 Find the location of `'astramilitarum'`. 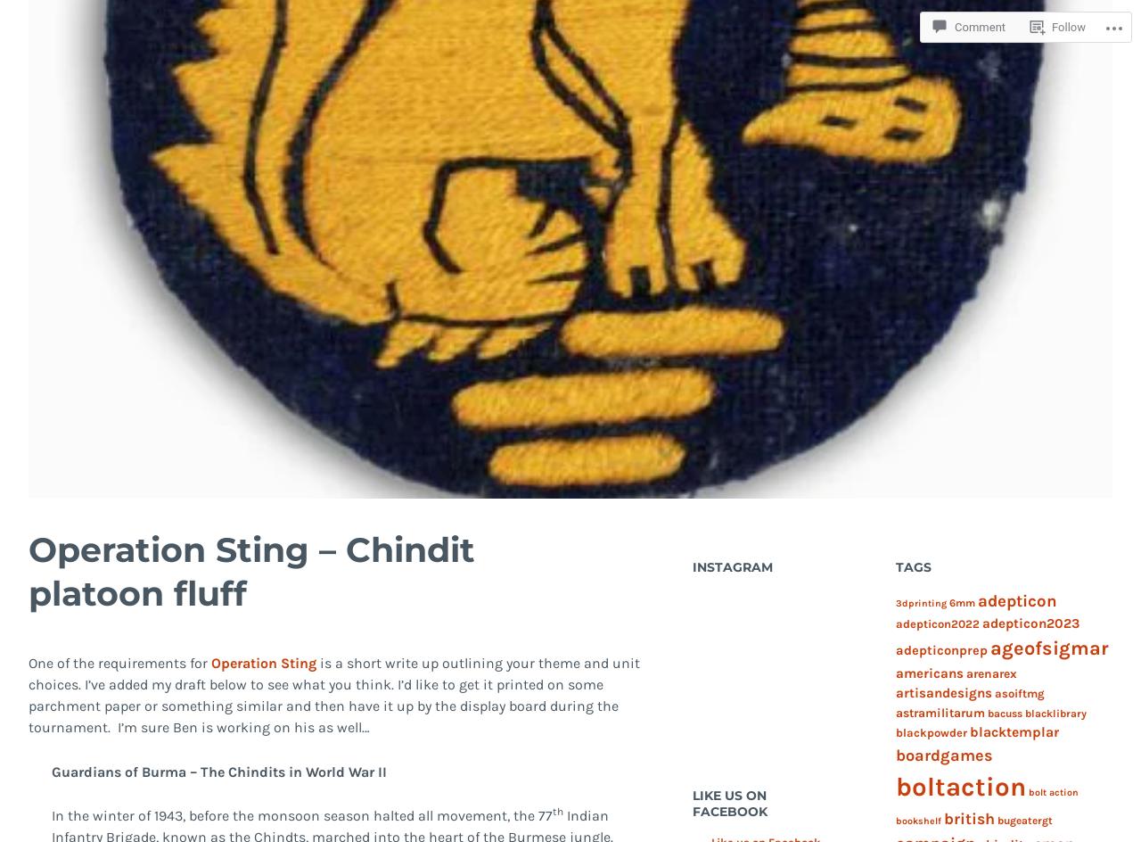

'astramilitarum' is located at coordinates (938, 712).